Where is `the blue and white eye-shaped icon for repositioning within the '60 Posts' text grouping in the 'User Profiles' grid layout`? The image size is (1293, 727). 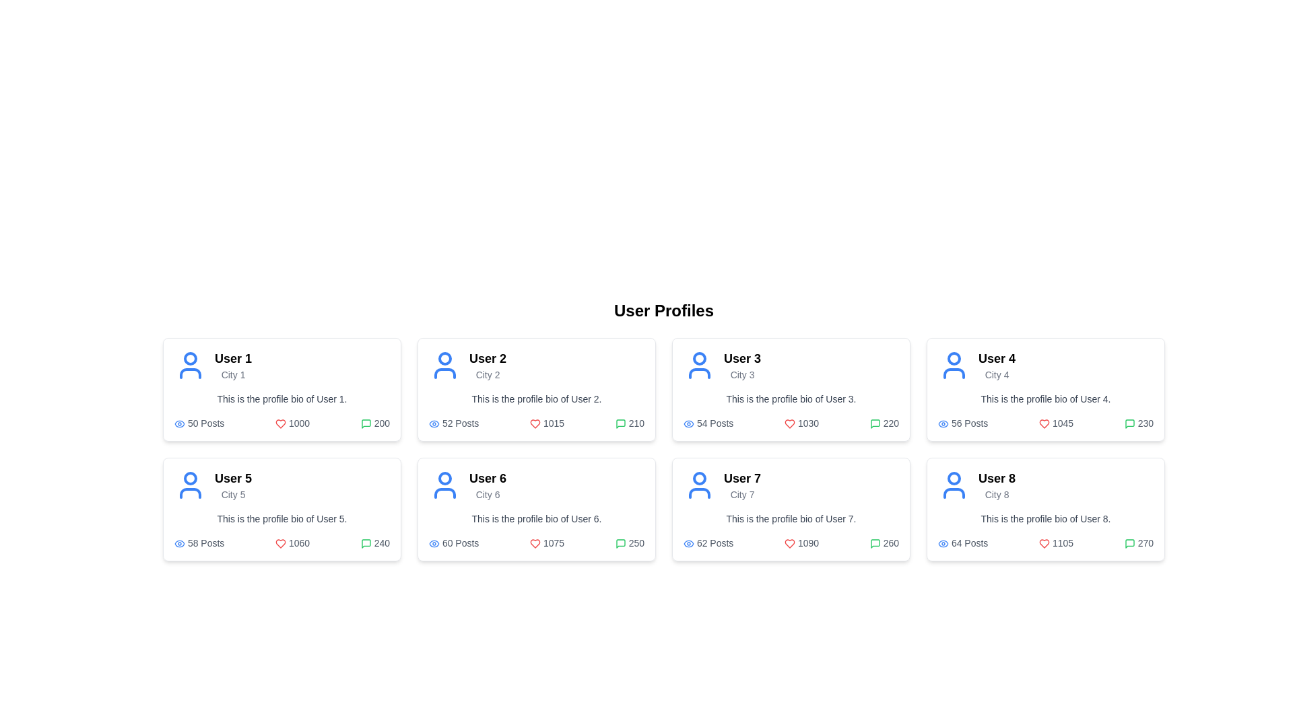 the blue and white eye-shaped icon for repositioning within the '60 Posts' text grouping in the 'User Profiles' grid layout is located at coordinates (434, 543).